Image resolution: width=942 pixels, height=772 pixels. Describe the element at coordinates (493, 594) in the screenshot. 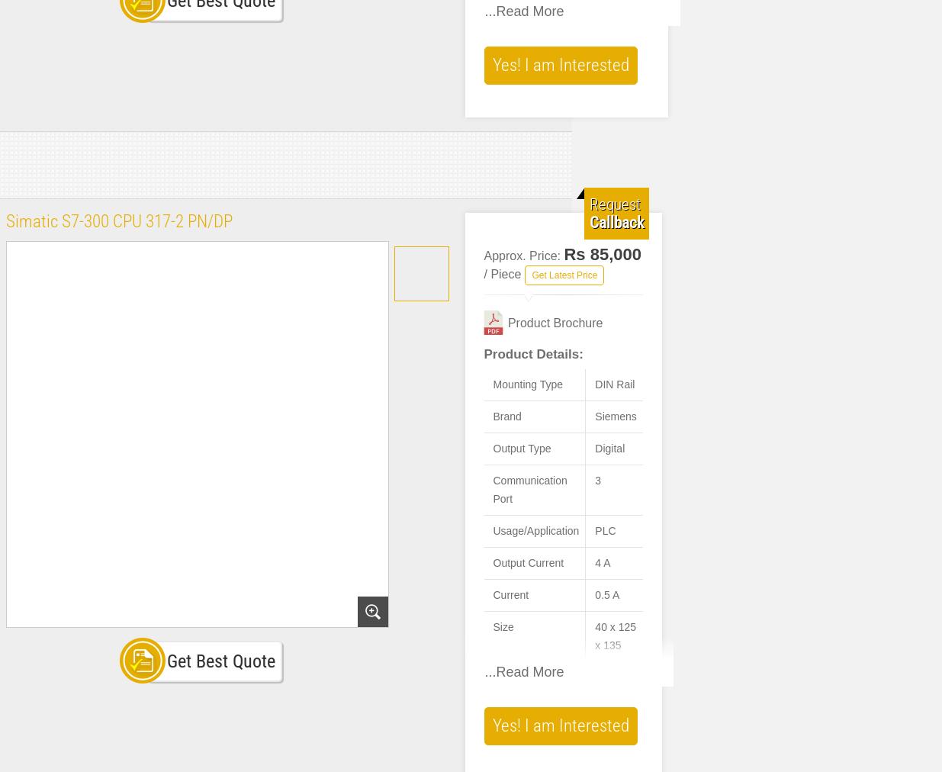

I see `'Current'` at that location.